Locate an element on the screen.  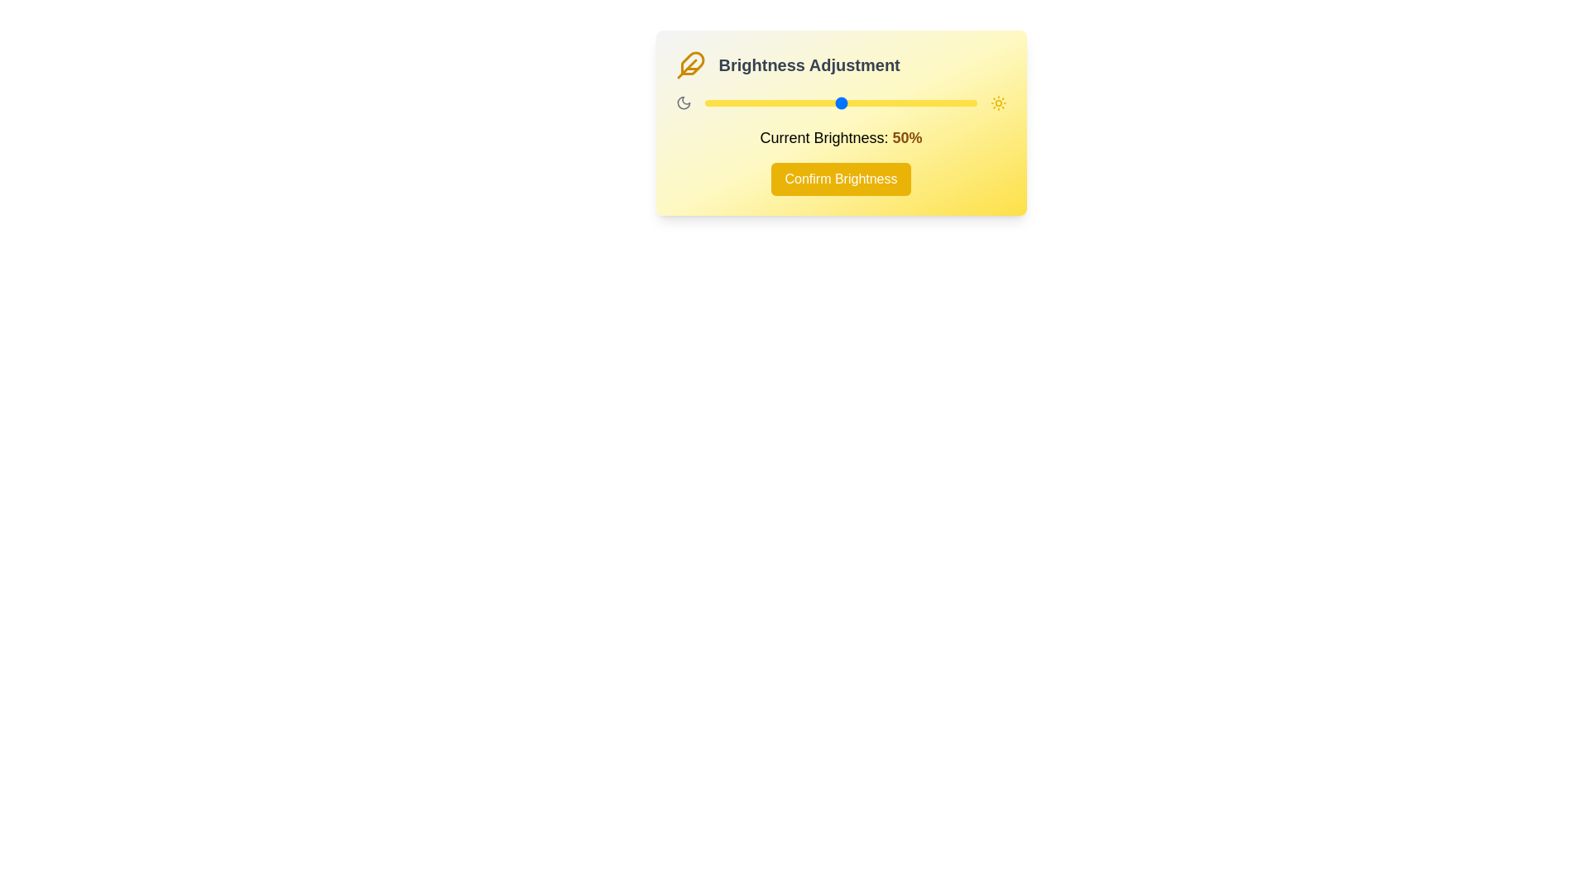
the brightness to 75% by dragging the slider is located at coordinates (908, 103).